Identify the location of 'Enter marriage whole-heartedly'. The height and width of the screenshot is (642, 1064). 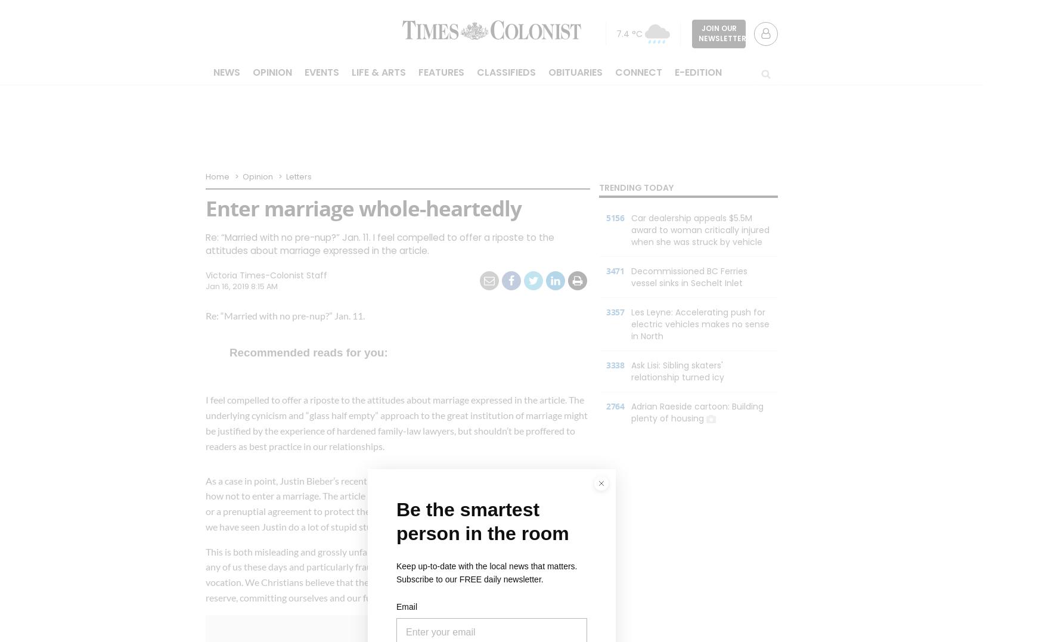
(363, 207).